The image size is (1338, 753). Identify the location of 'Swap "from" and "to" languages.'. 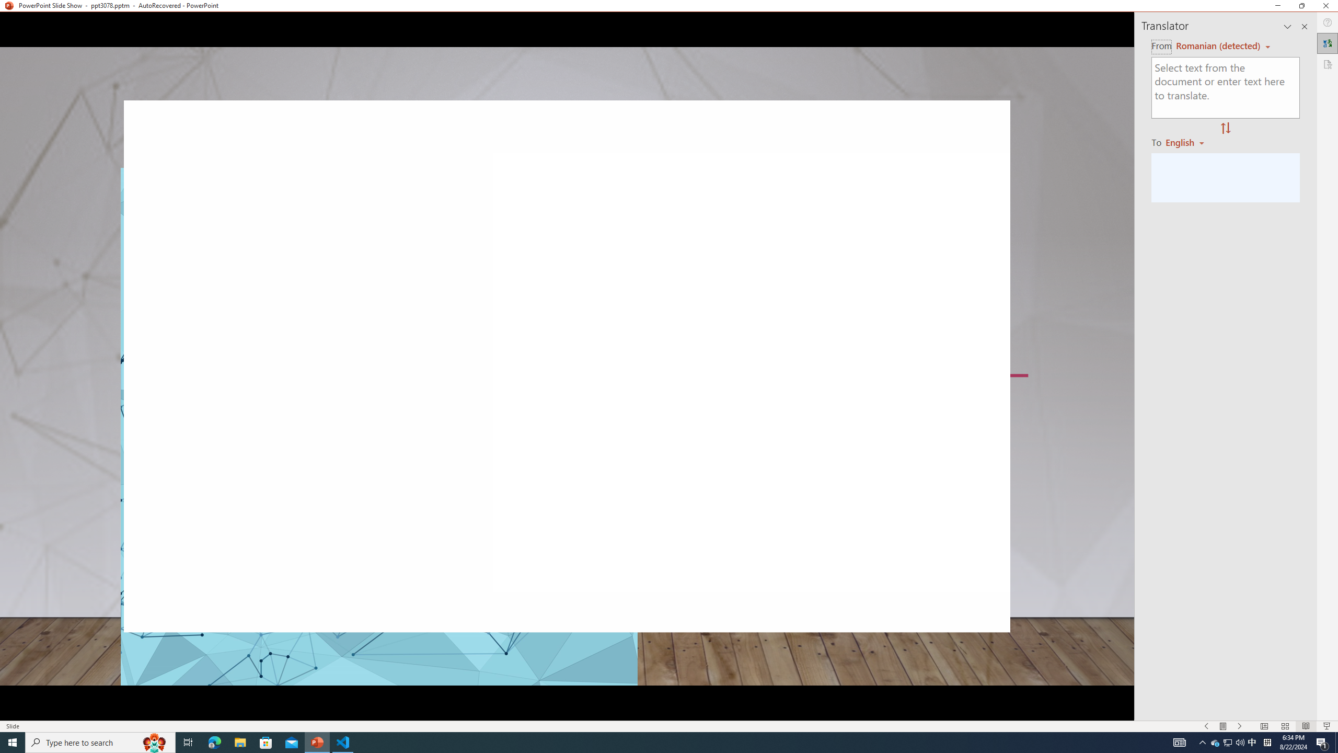
(1225, 128).